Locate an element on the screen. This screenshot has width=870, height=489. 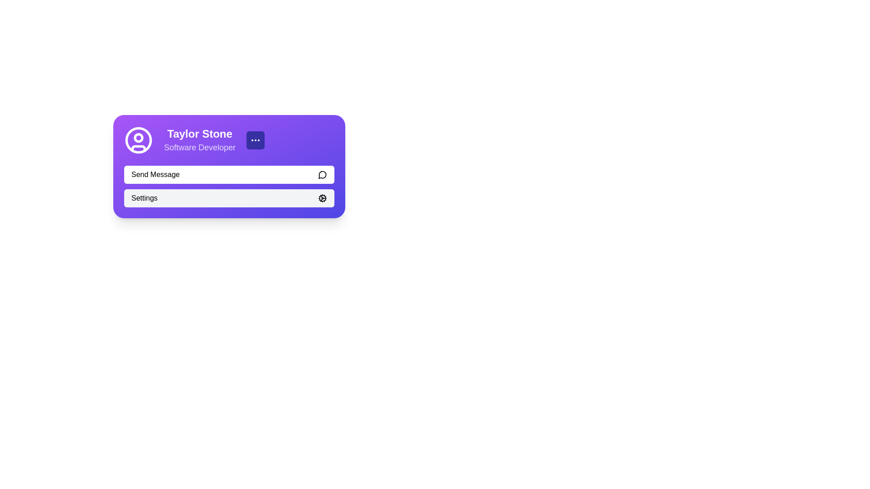
the 'Send Message' button to trigger potential styling changes is located at coordinates (155, 174).